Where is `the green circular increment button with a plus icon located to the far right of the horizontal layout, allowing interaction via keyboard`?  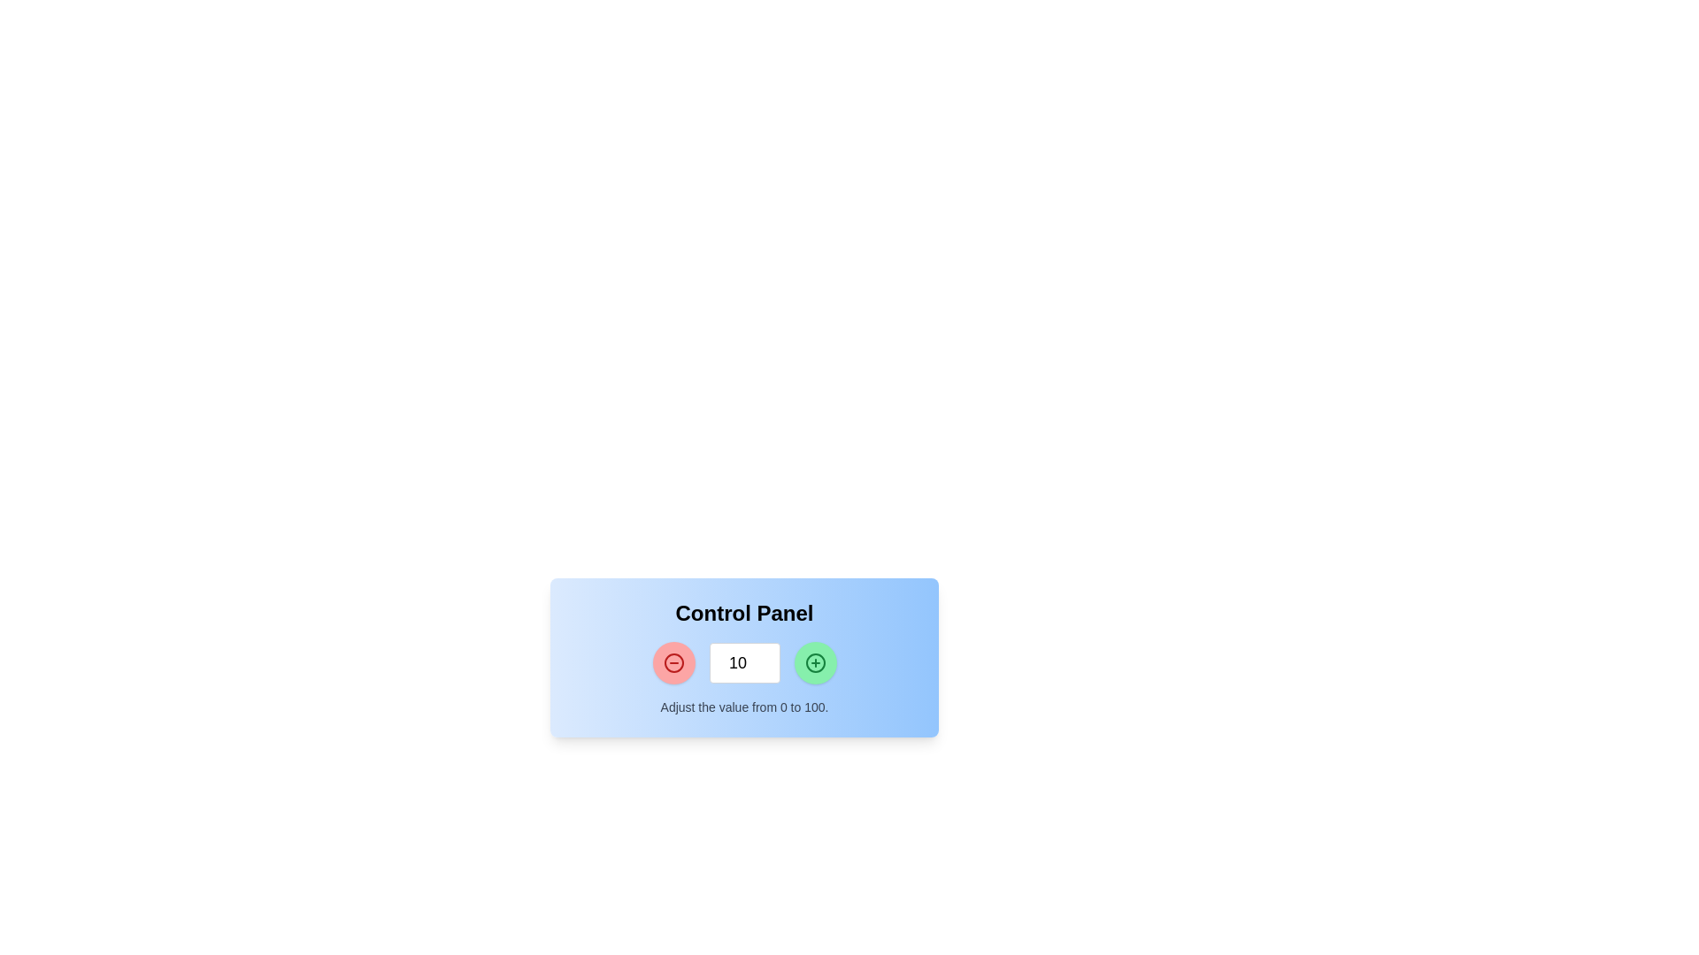 the green circular increment button with a plus icon located to the far right of the horizontal layout, allowing interaction via keyboard is located at coordinates (814, 662).